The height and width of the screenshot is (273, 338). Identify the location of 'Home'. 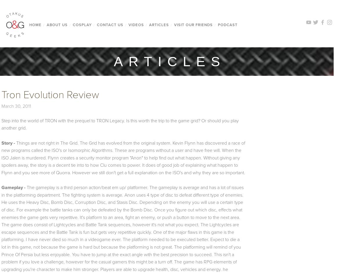
(35, 25).